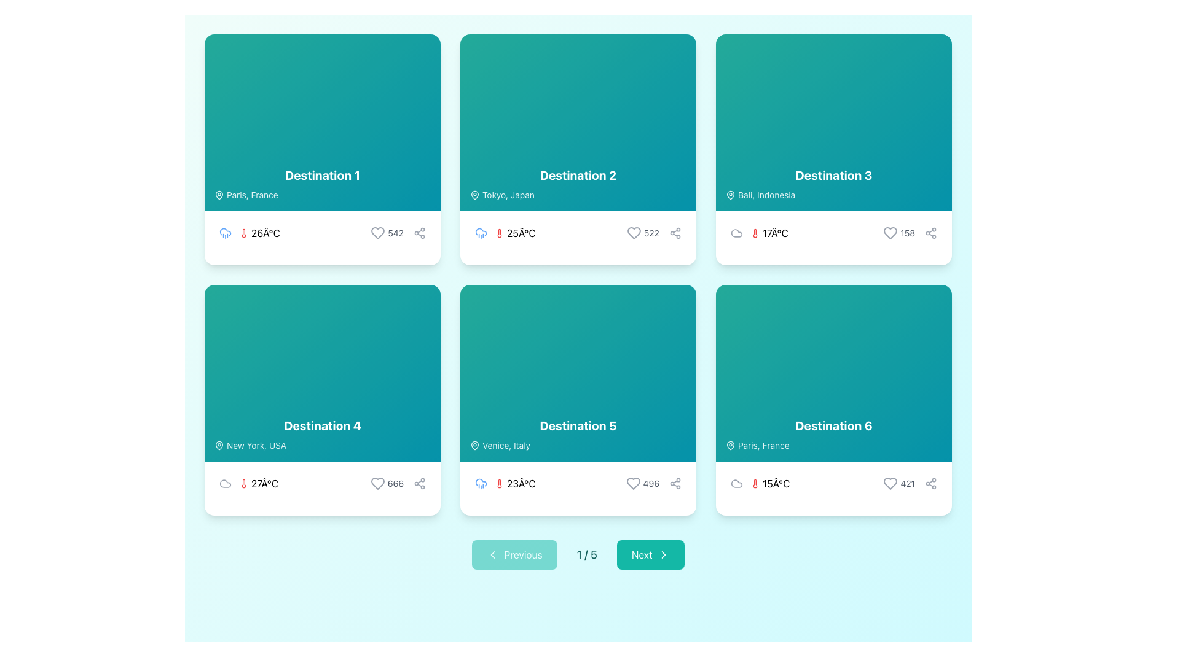 Image resolution: width=1180 pixels, height=663 pixels. What do you see at coordinates (508, 194) in the screenshot?
I see `text content of the static label displaying 'Tokyo, Japan', which is styled in white color with 90% opacity and located next to the map pin icon within the card labeled 'Destination 2'` at bounding box center [508, 194].